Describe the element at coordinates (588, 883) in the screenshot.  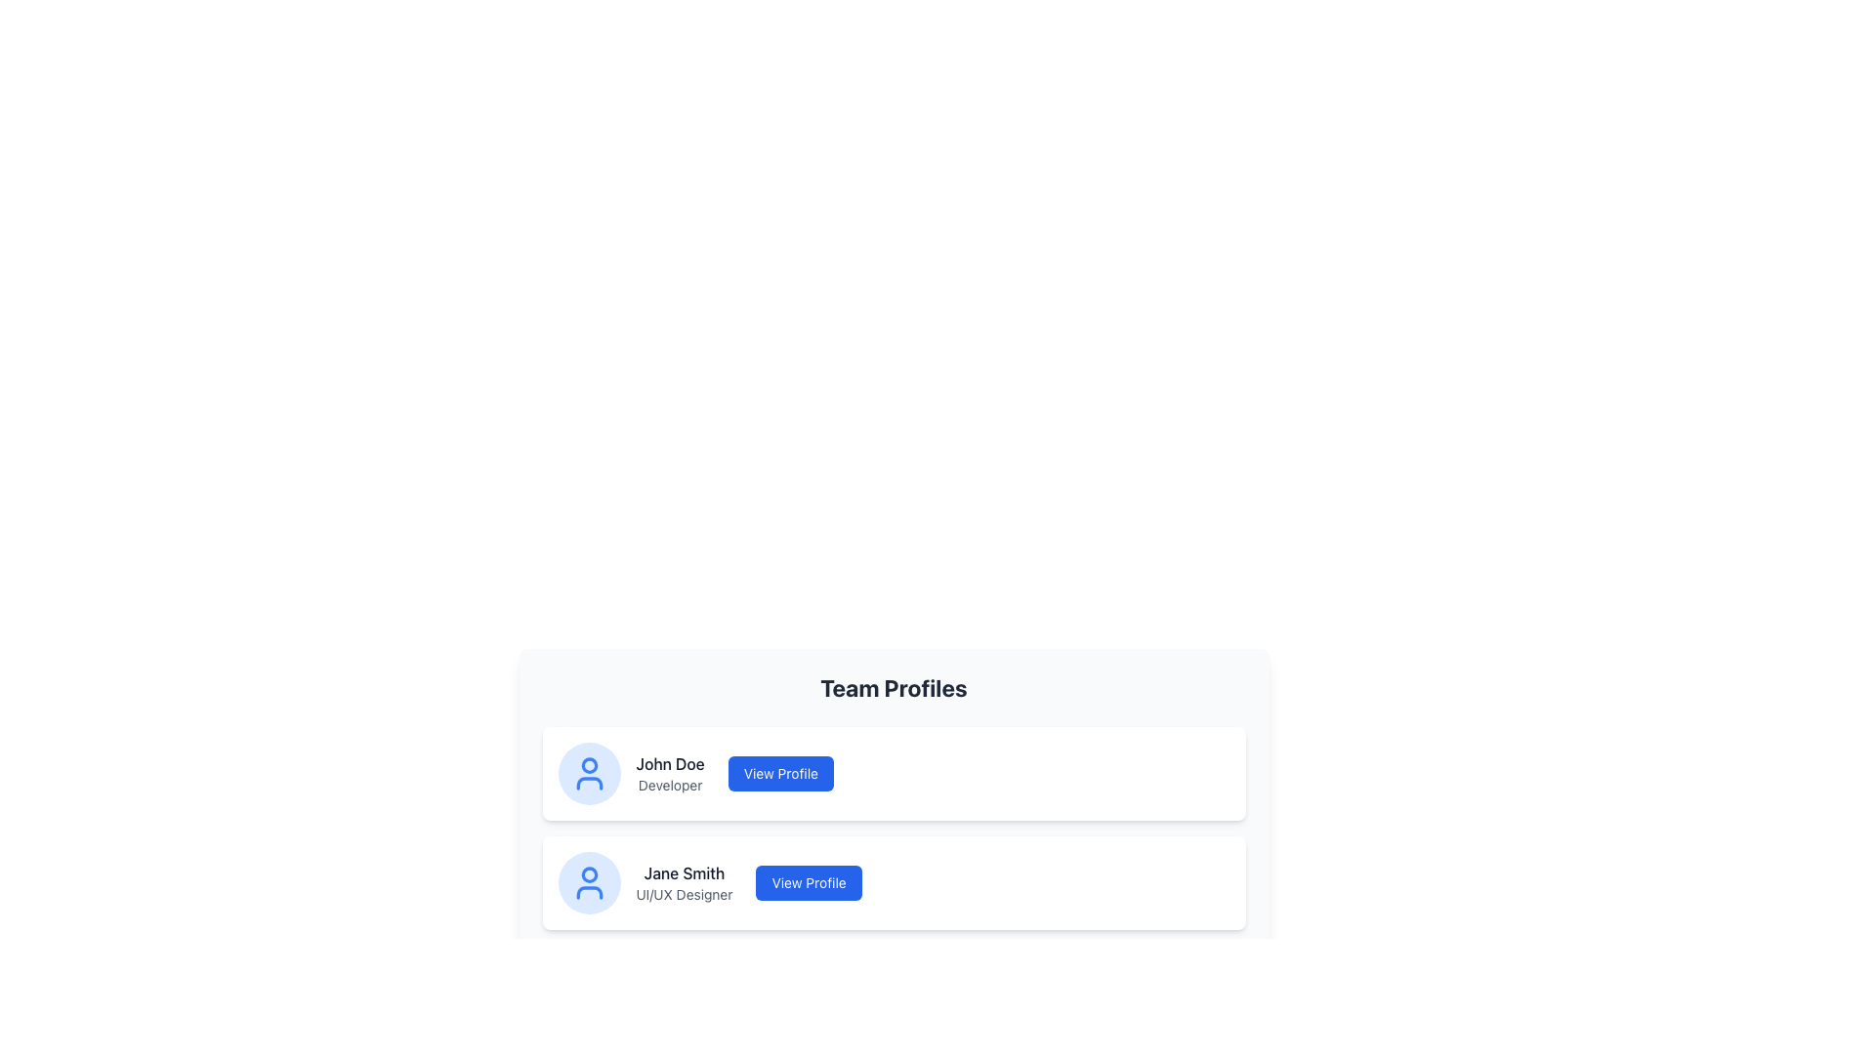
I see `circular blue icon with a user-shaped design in the lower profile card titled 'Jane Smith'` at that location.